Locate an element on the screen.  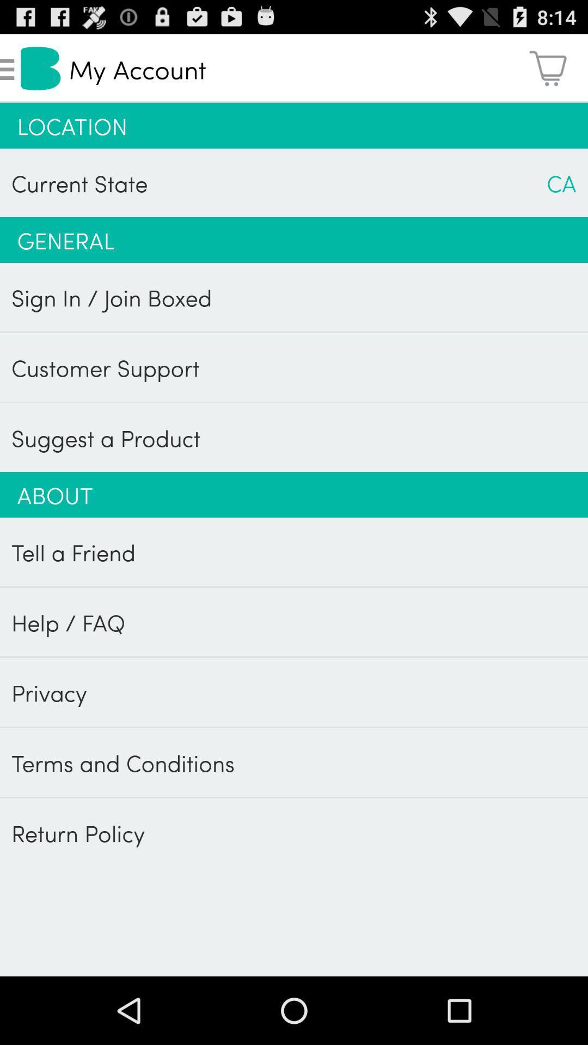
item above sign in join item is located at coordinates (294, 239).